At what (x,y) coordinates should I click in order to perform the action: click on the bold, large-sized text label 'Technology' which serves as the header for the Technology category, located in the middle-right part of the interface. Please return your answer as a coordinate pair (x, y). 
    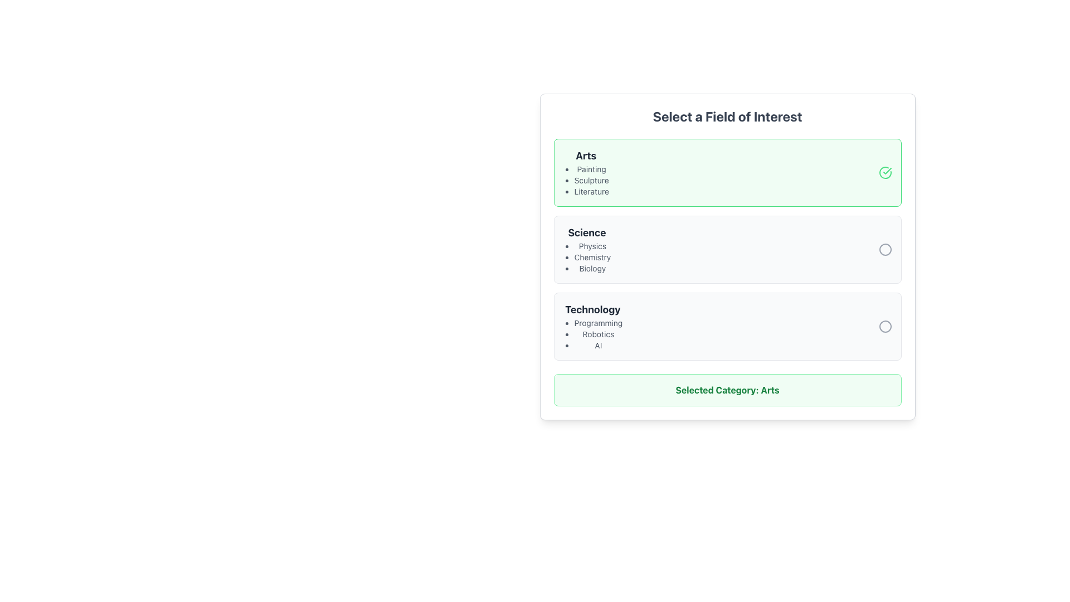
    Looking at the image, I should click on (592, 309).